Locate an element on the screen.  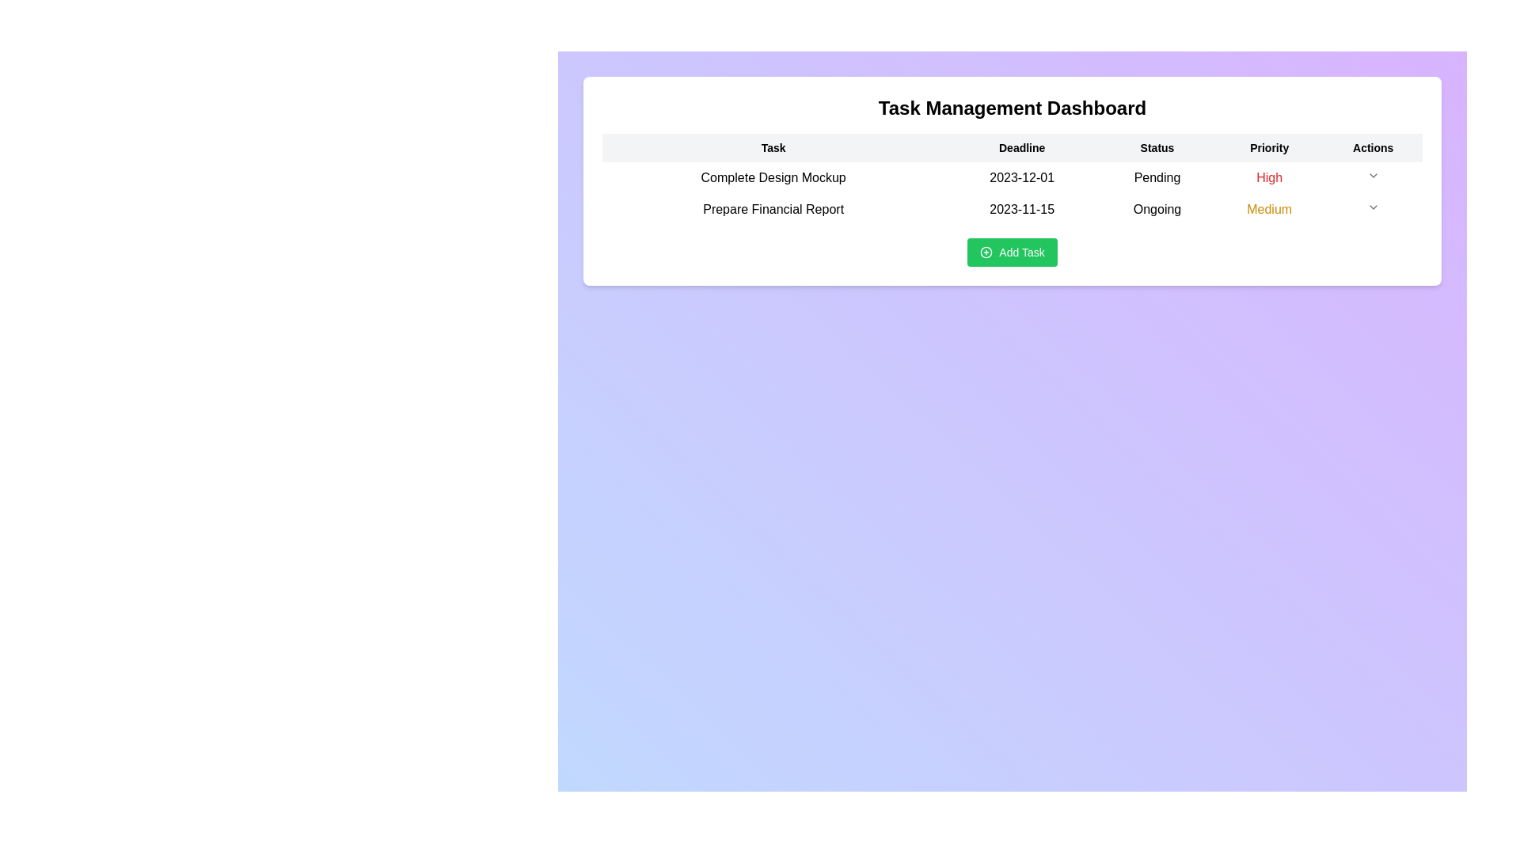
the 'Pending' text label in the 'Status' column of the task management table is located at coordinates (1157, 177).